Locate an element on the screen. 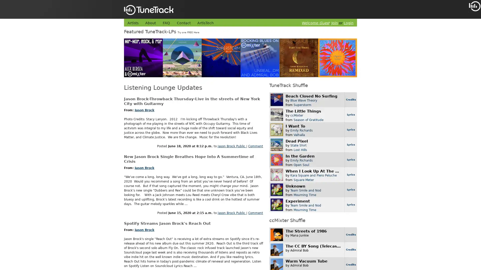 This screenshot has width=481, height=270. Previous is located at coordinates (472, 30).